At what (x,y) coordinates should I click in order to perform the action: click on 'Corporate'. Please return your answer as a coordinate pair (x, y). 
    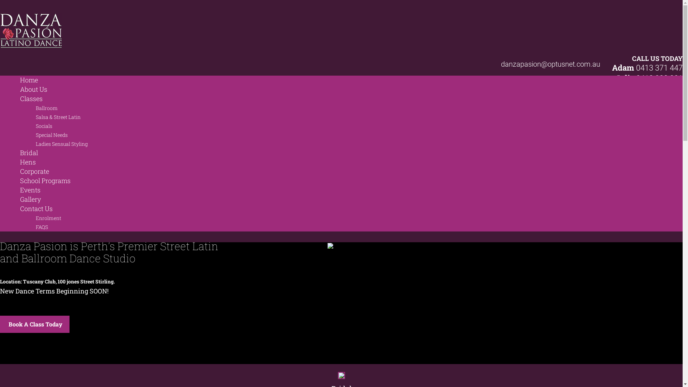
    Looking at the image, I should click on (34, 171).